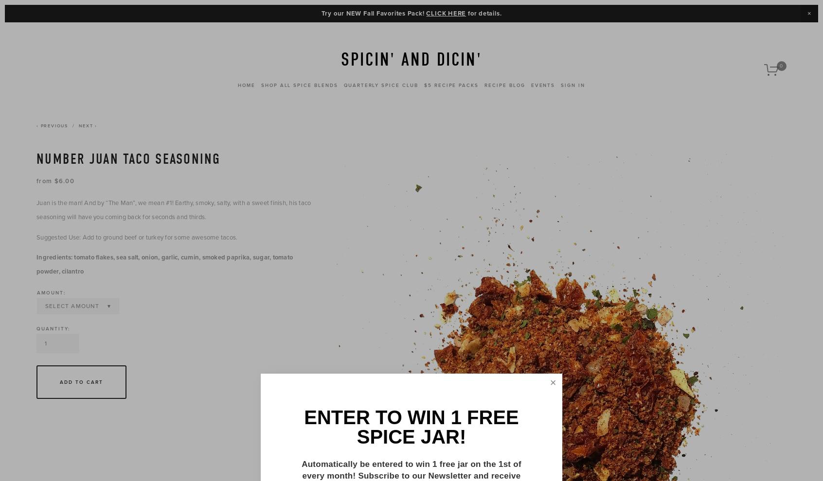  I want to click on 'Suggested Use: Add to ground beef or turkey for some awesome tacos.', so click(137, 237).